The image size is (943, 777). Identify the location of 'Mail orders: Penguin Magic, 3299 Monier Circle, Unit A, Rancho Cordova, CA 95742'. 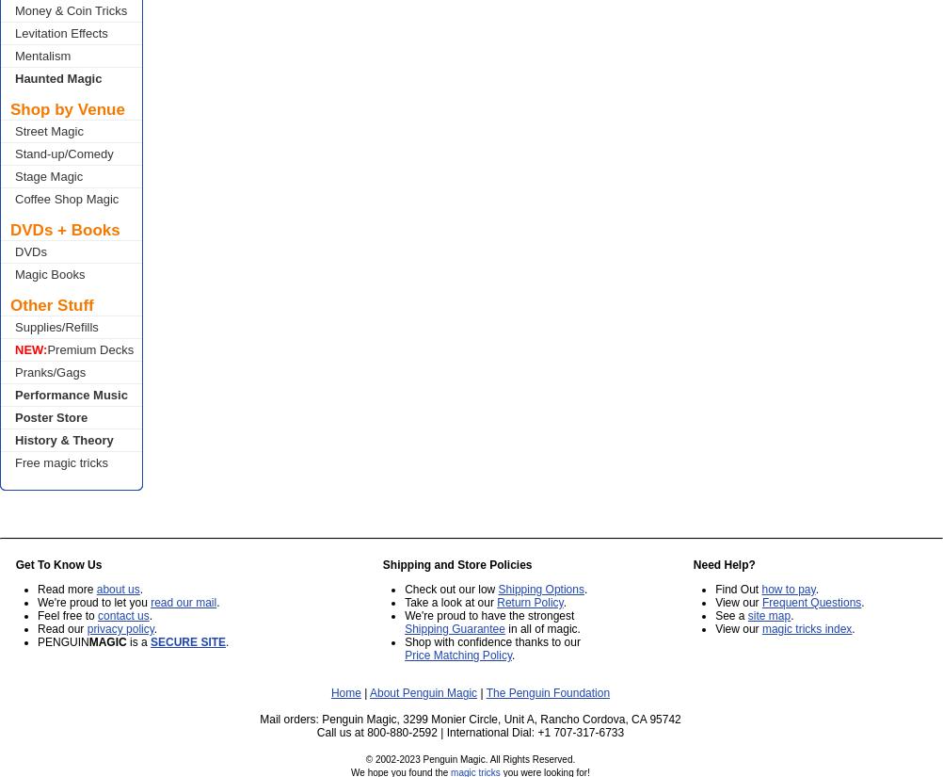
(469, 719).